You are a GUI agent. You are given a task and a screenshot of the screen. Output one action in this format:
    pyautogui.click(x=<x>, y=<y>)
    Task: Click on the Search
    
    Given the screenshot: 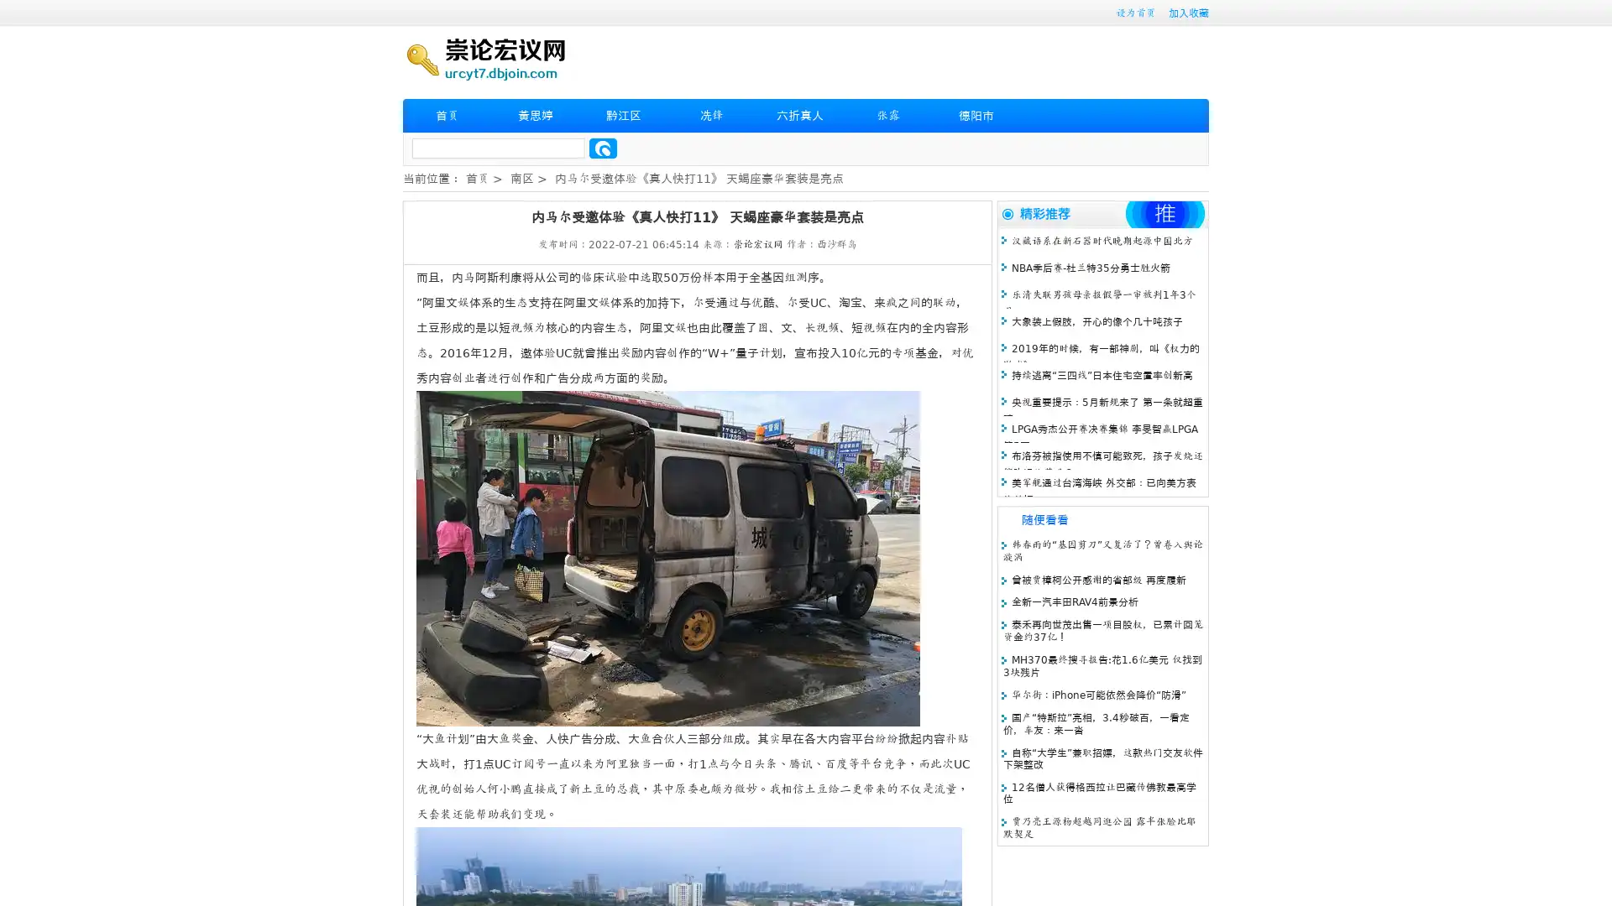 What is the action you would take?
    pyautogui.click(x=603, y=148)
    